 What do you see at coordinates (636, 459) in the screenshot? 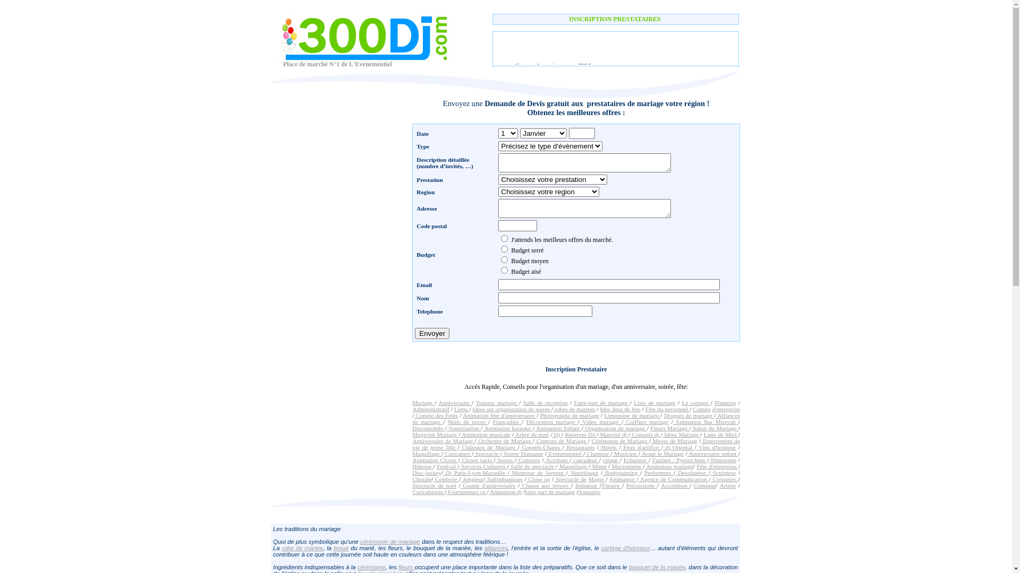
I see `'Echassier'` at bounding box center [636, 459].